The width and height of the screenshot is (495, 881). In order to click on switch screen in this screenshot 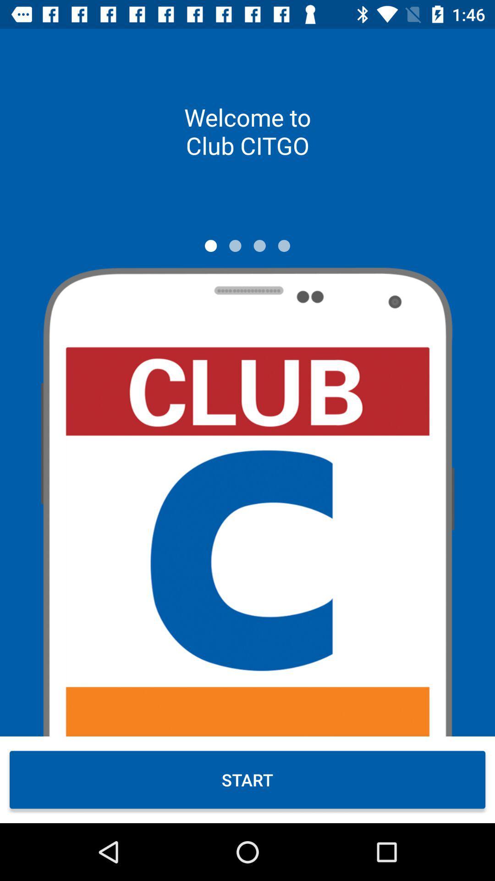, I will do `click(211, 245)`.